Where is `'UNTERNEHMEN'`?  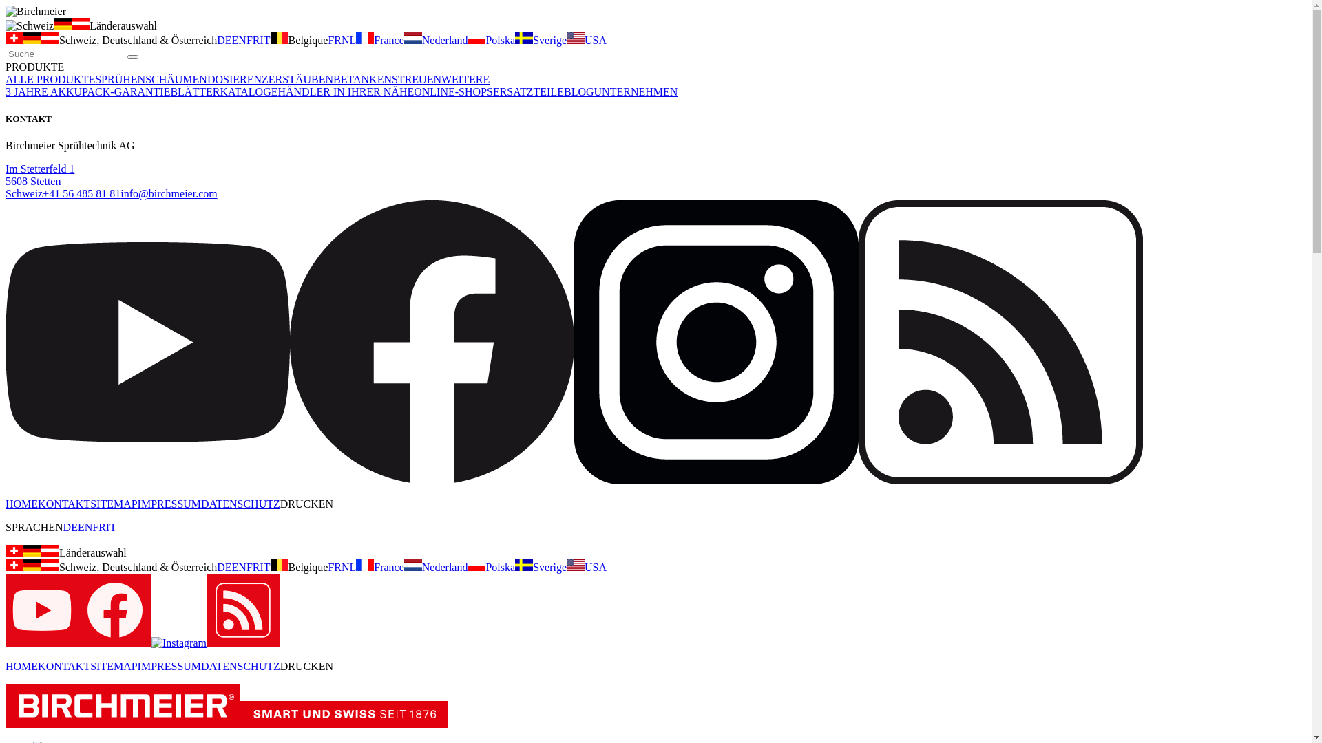
'UNTERNEHMEN' is located at coordinates (636, 91).